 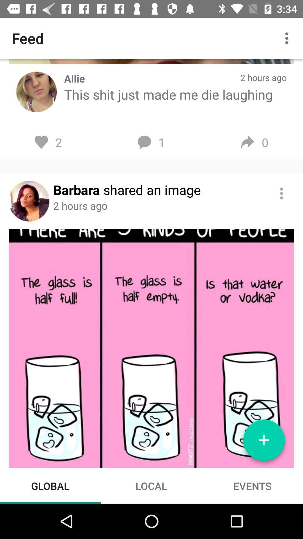 What do you see at coordinates (288, 38) in the screenshot?
I see `icon to the right of feed item` at bounding box center [288, 38].